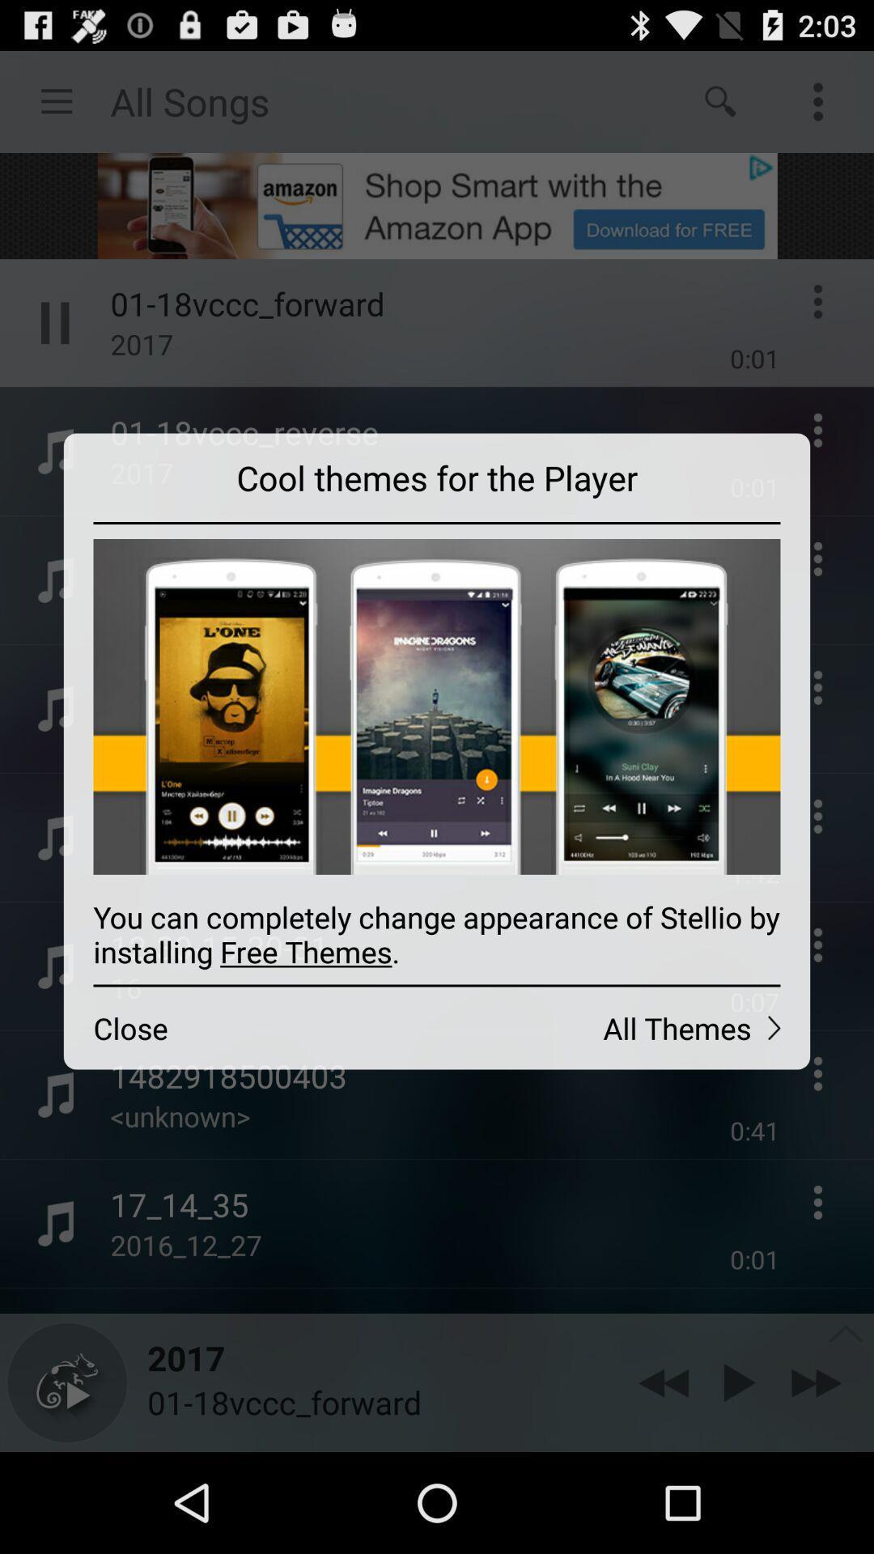  I want to click on icon below you can completely app, so click(622, 1027).